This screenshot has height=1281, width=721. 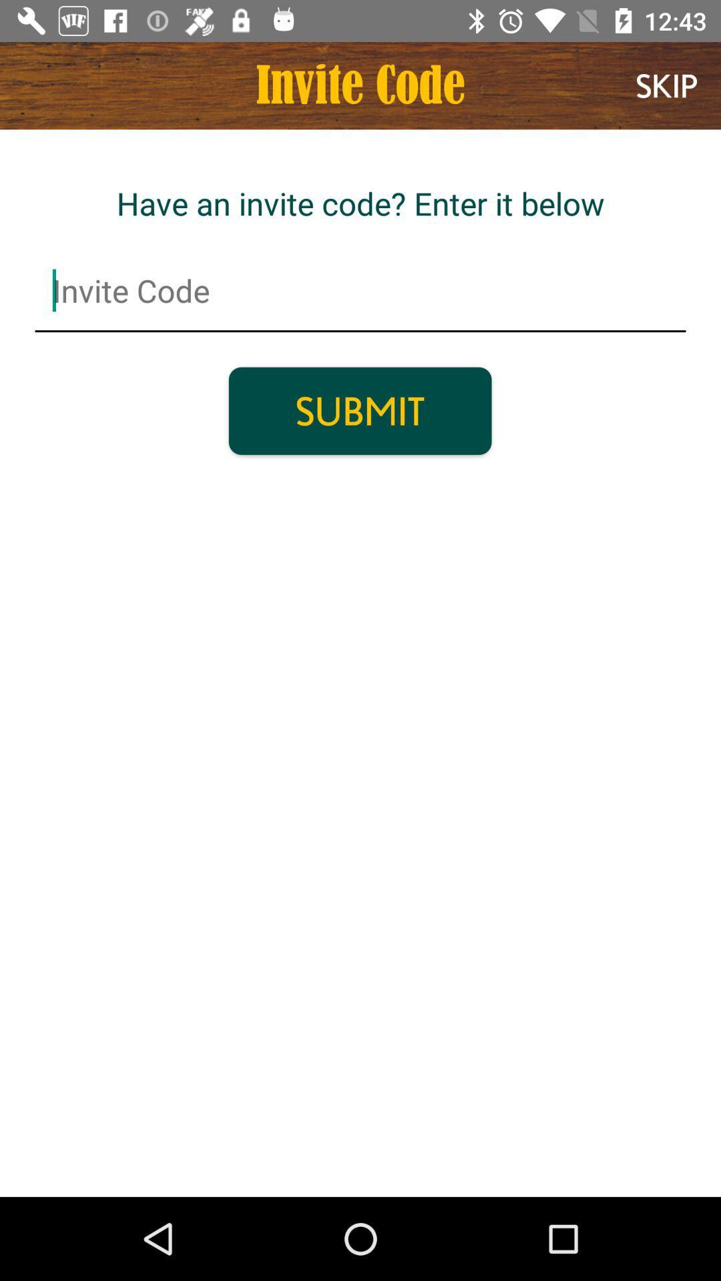 What do you see at coordinates (666, 85) in the screenshot?
I see `the icon to the right of the invite code icon` at bounding box center [666, 85].